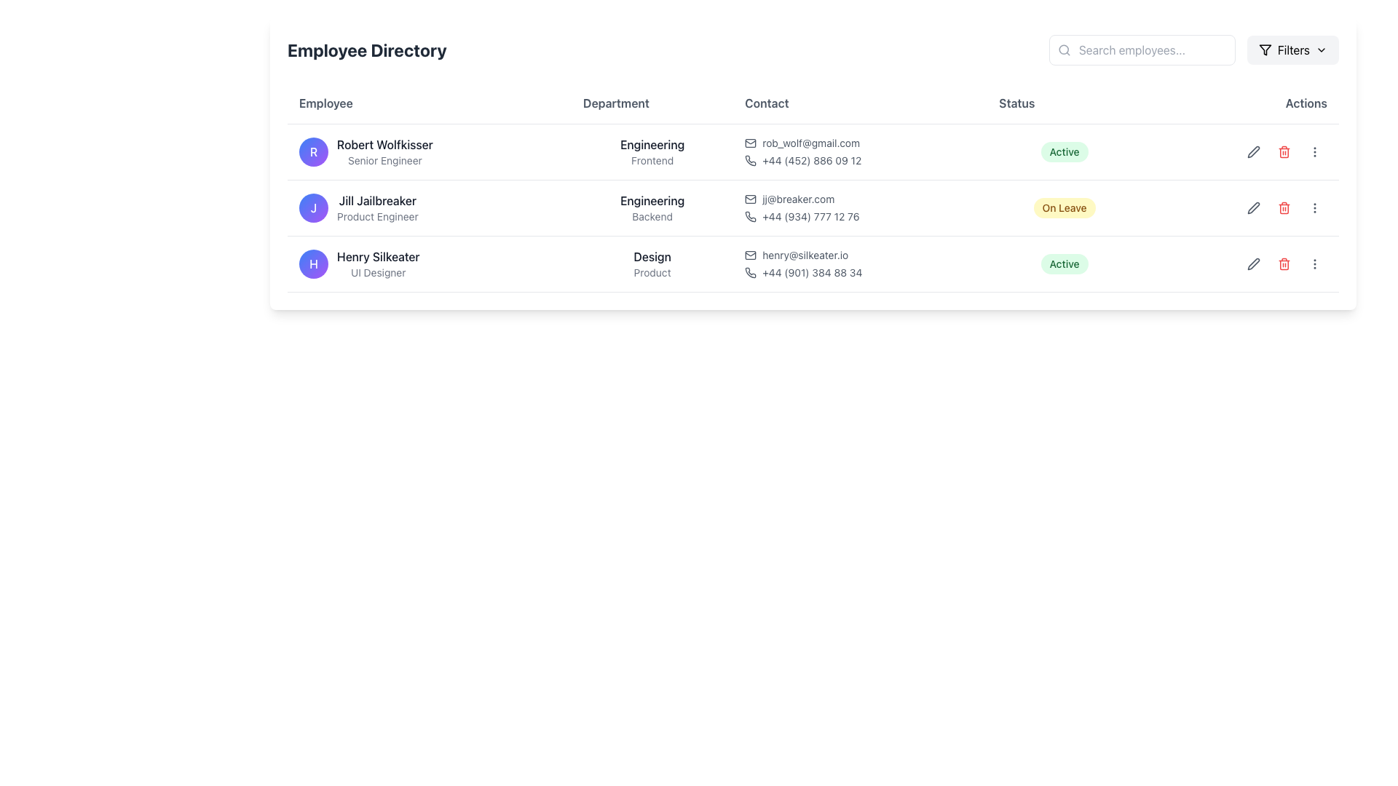  I want to click on the SVG envelope icon located in the 'Contact' column, positioned to the left of the email address 'rob_wolf@gmail.com', so click(751, 143).